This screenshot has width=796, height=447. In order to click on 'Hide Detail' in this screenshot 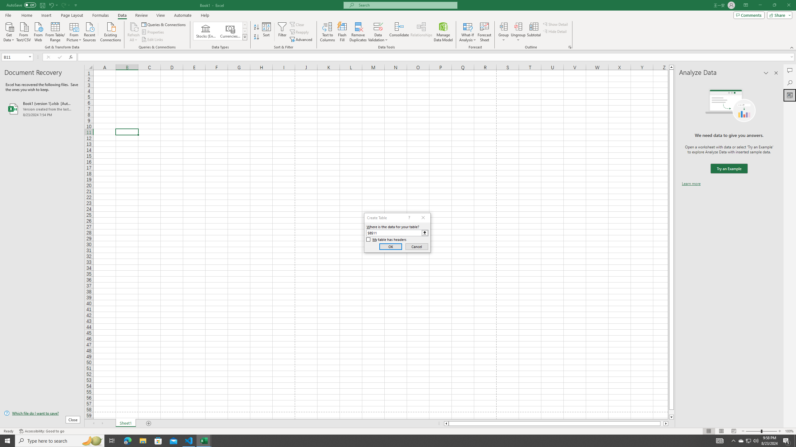, I will do `click(555, 31)`.